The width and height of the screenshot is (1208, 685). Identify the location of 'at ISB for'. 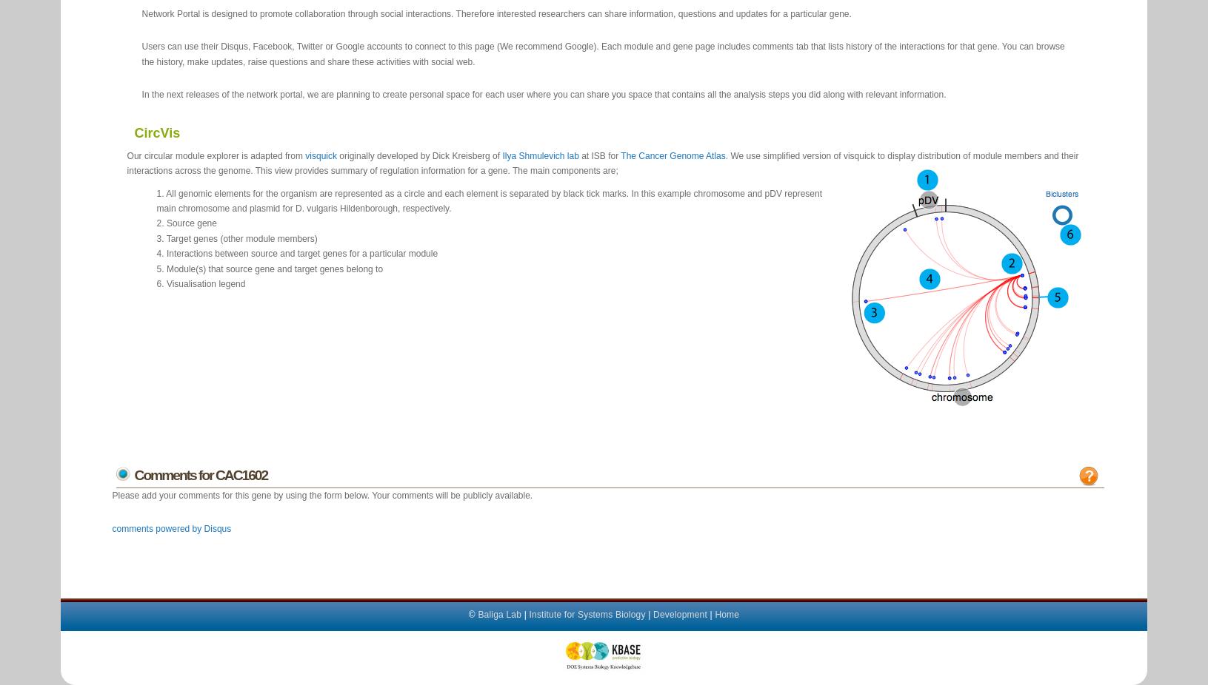
(598, 155).